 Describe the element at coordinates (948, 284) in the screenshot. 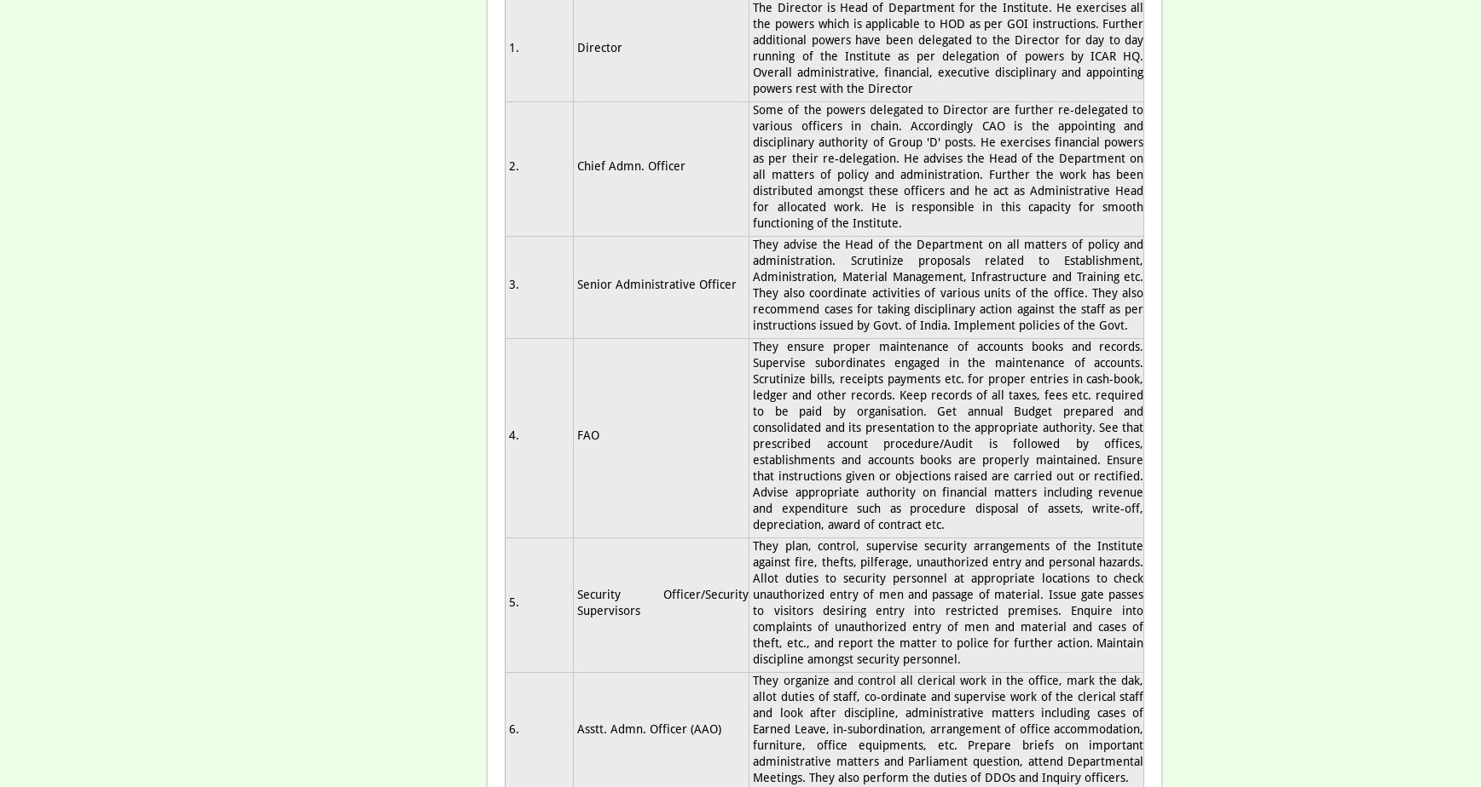

I see `'They advise the Head of the Department on all matters of policy and administration. Scrutinize proposals related to Establishment, Administration, Material Management, Infrastructure and Training etc. They also coordinate activities of various units of the office. They also recommend cases for taking disciplinary action against the staff as per instructions issued by Govt. of India. Implement policies of the Govt.'` at that location.